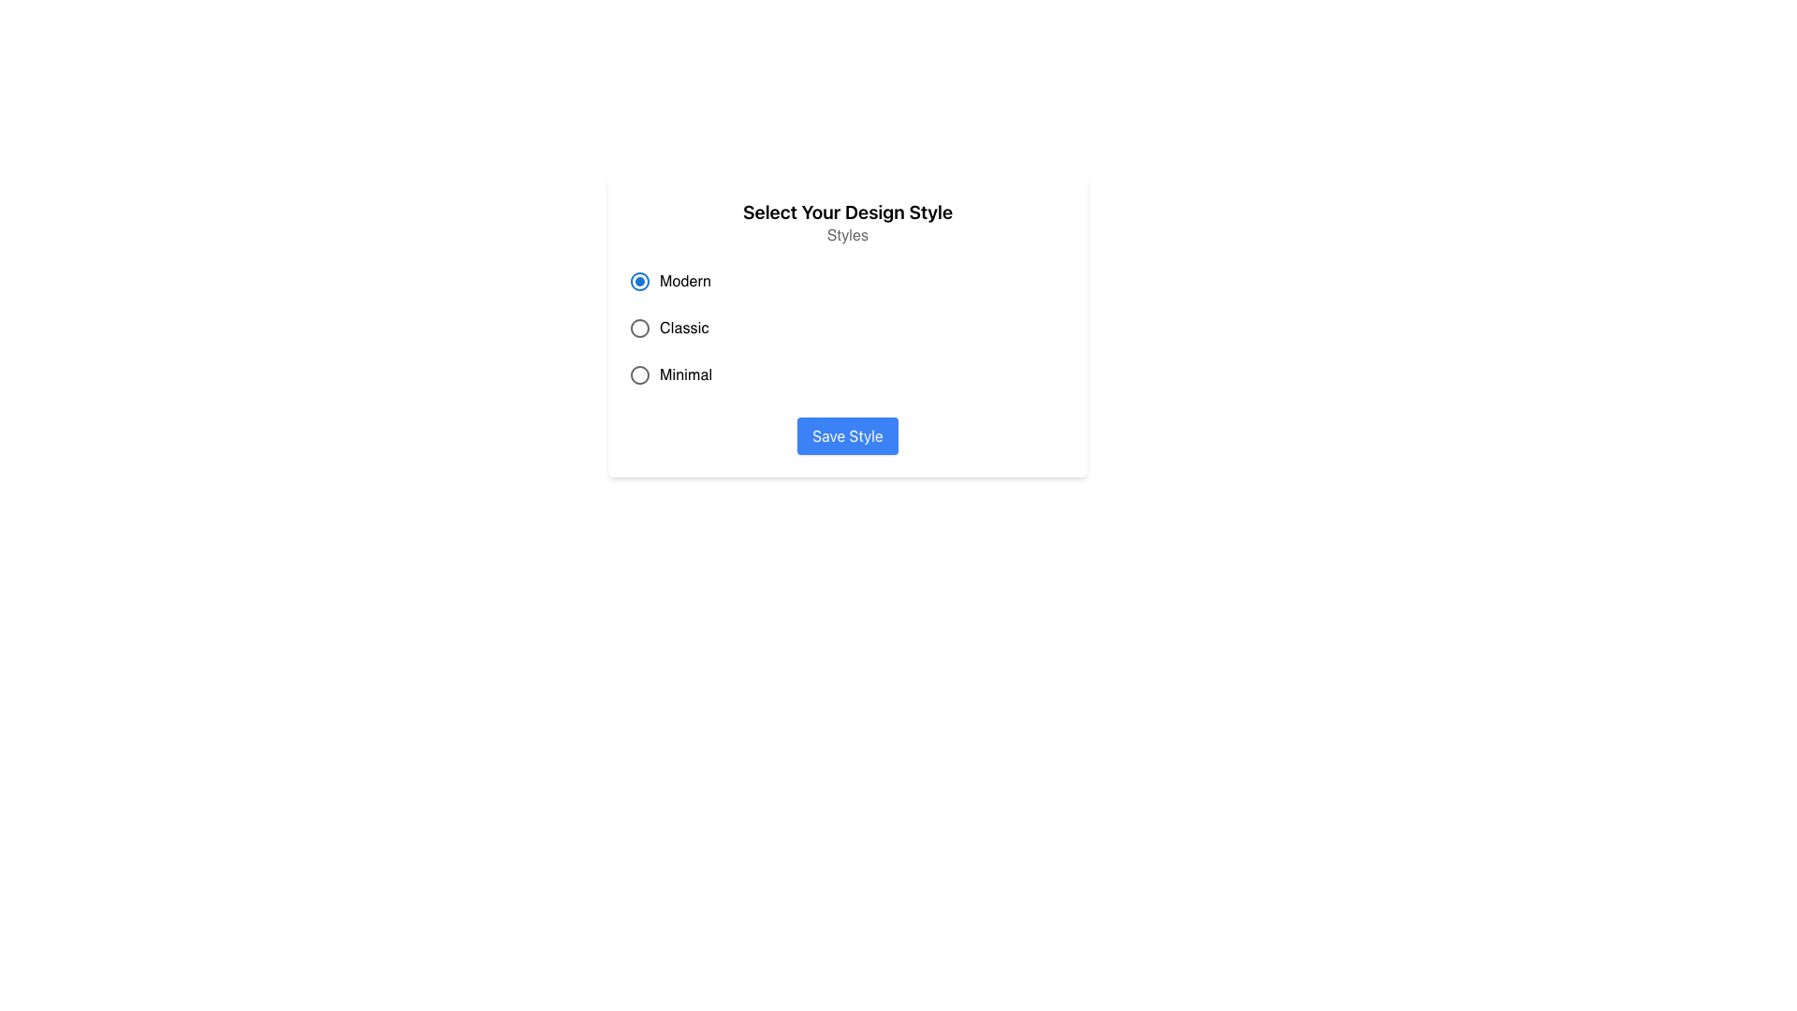 The width and height of the screenshot is (1797, 1011). I want to click on the second circular radio button styled with a gray outline and filled dark center, so click(640, 328).